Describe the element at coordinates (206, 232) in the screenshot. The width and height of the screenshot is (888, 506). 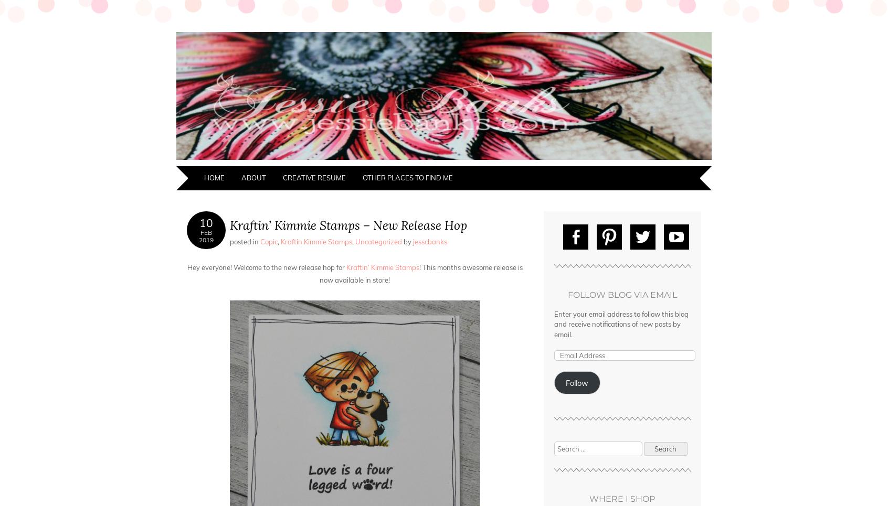
I see `'Feb'` at that location.